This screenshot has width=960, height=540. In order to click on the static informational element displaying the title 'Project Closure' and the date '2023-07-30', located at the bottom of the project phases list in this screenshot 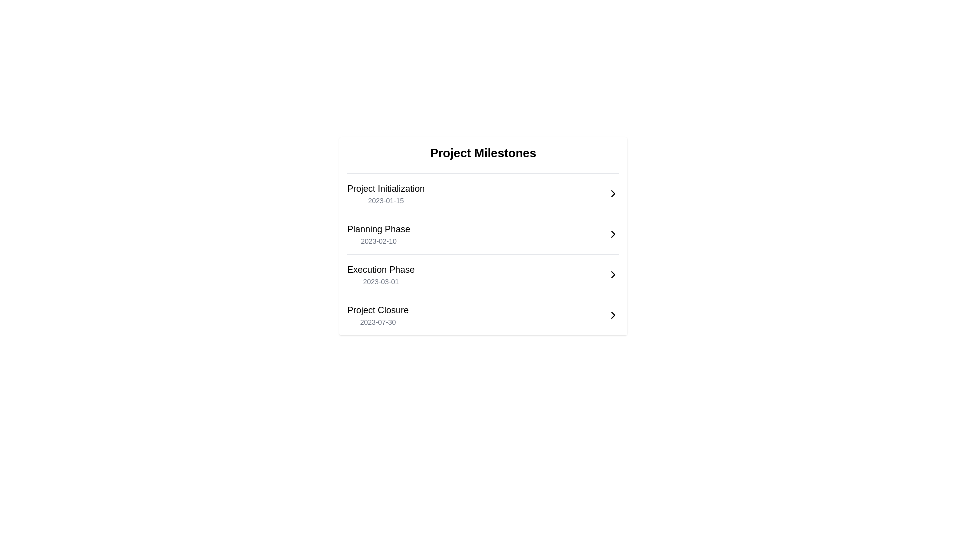, I will do `click(377, 315)`.